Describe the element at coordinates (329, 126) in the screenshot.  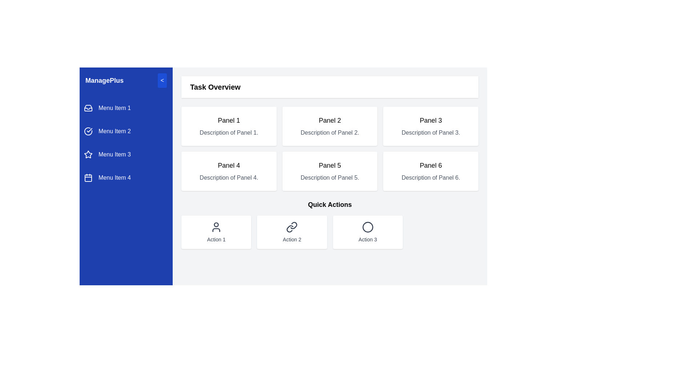
I see `the 'Panel 2' informational card, which is the second panel in the top row of a grid, to interact with it` at that location.